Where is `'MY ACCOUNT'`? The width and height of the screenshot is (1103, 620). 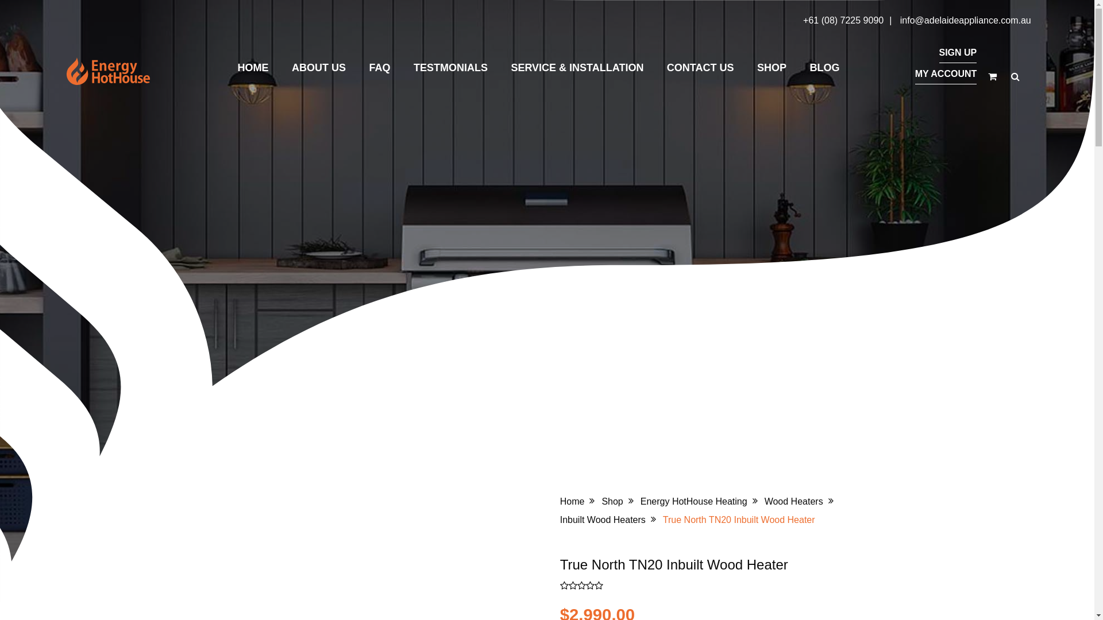 'MY ACCOUNT' is located at coordinates (946, 73).